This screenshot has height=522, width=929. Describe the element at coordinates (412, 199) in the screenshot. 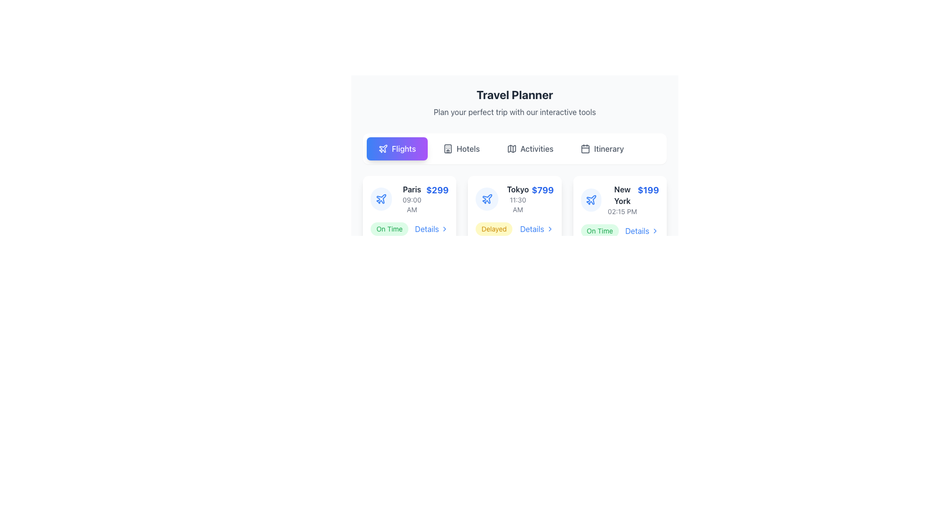

I see `displayed text showing the destination name 'Paris' and departure time '09:00 AM' from the text display element located in the center of the first flight option panel under the 'Flights' tab` at that location.